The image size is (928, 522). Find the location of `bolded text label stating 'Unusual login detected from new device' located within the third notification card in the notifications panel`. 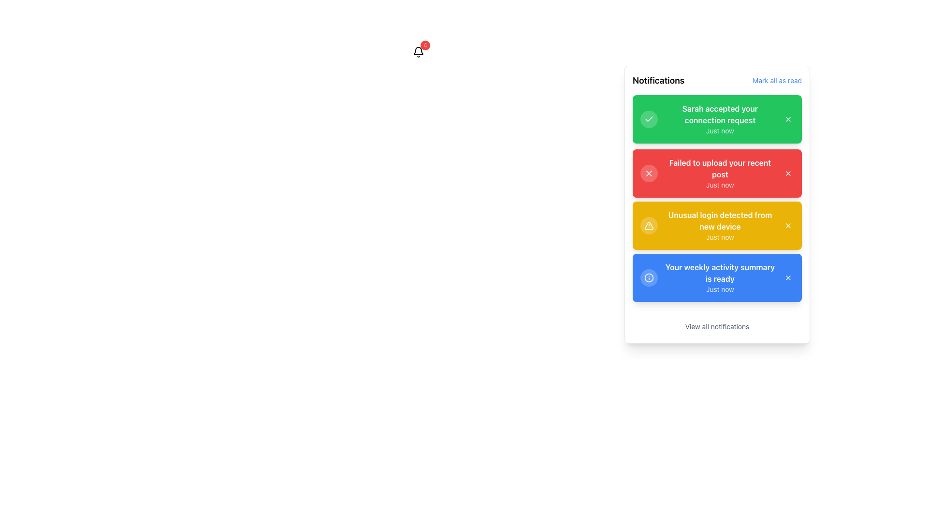

bolded text label stating 'Unusual login detected from new device' located within the third notification card in the notifications panel is located at coordinates (720, 220).